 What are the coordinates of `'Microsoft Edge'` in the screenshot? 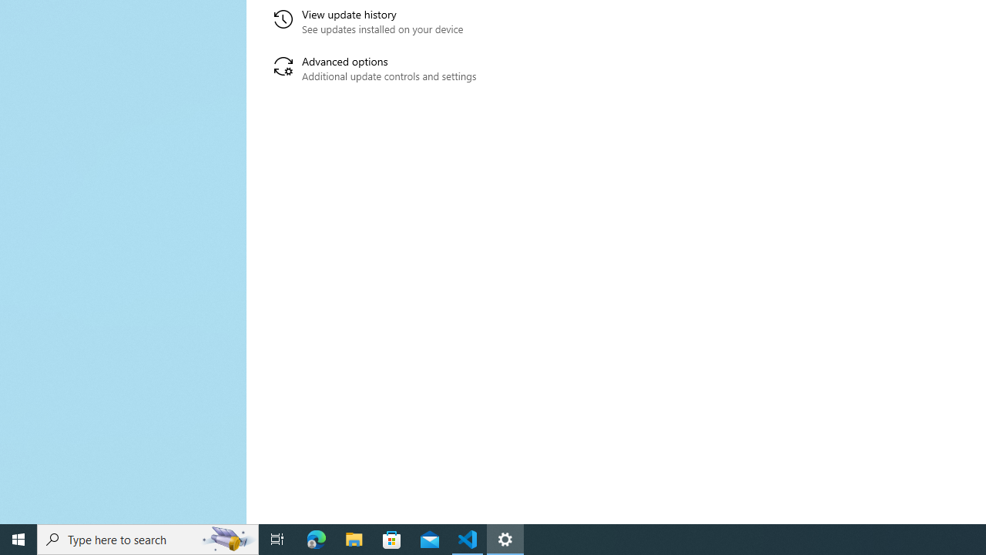 It's located at (316, 538).